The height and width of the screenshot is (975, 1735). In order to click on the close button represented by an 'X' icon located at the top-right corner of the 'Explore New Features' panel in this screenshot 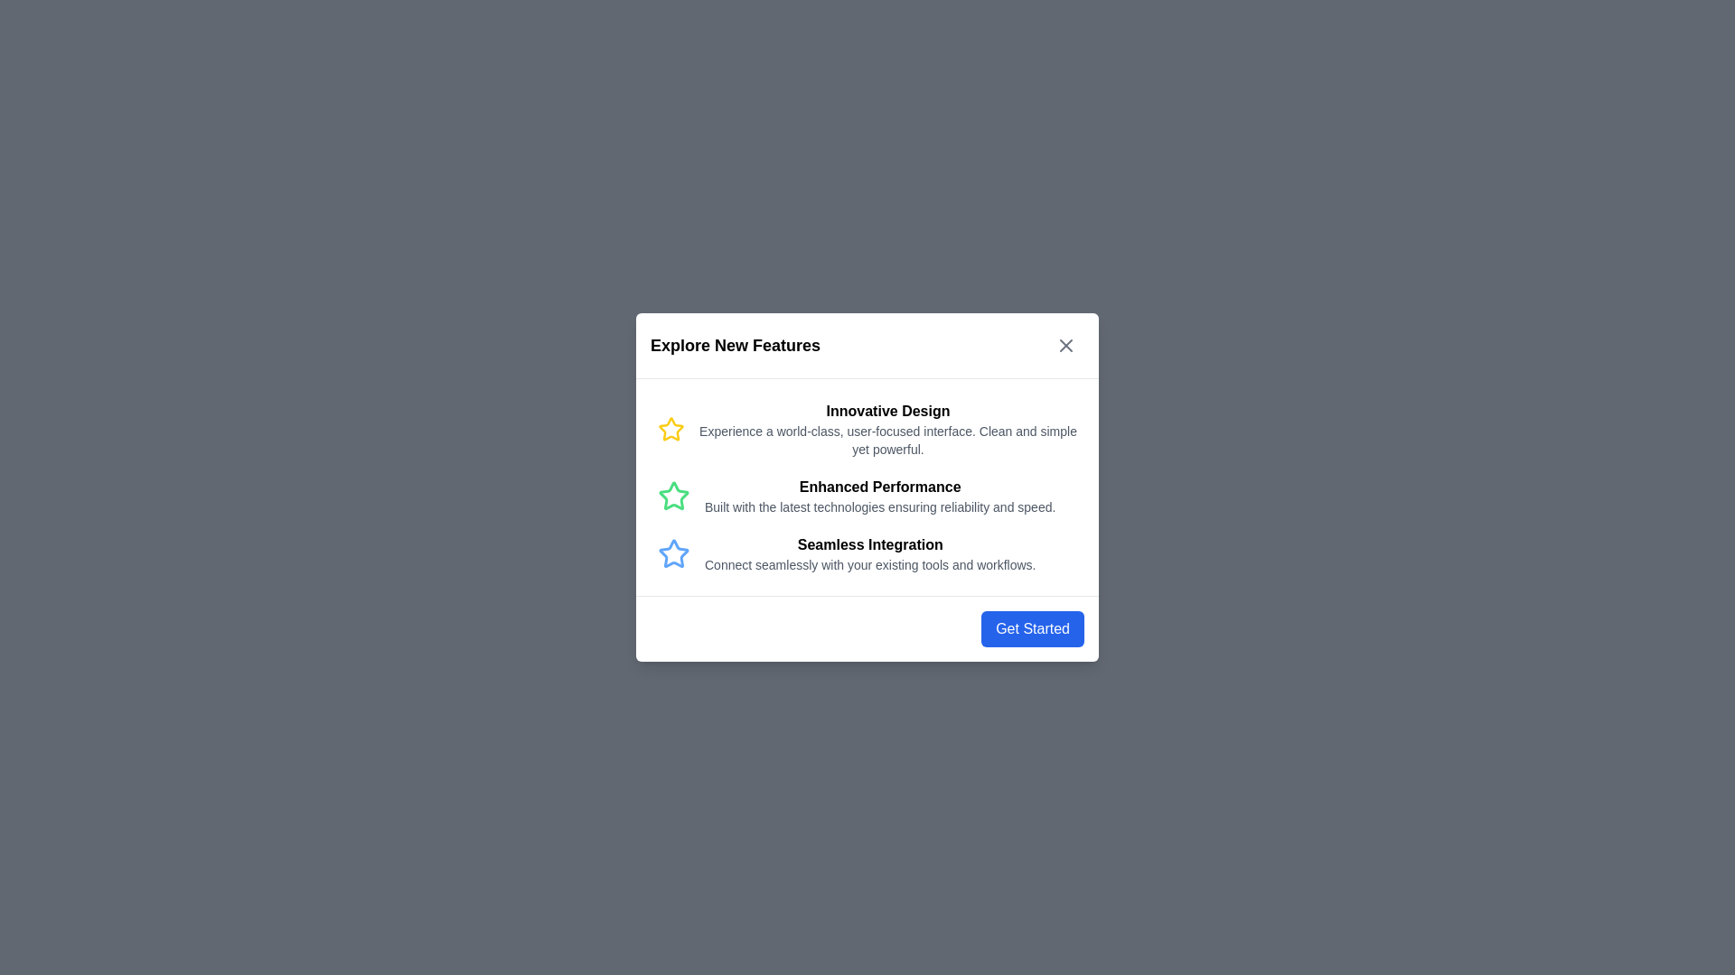, I will do `click(1066, 345)`.